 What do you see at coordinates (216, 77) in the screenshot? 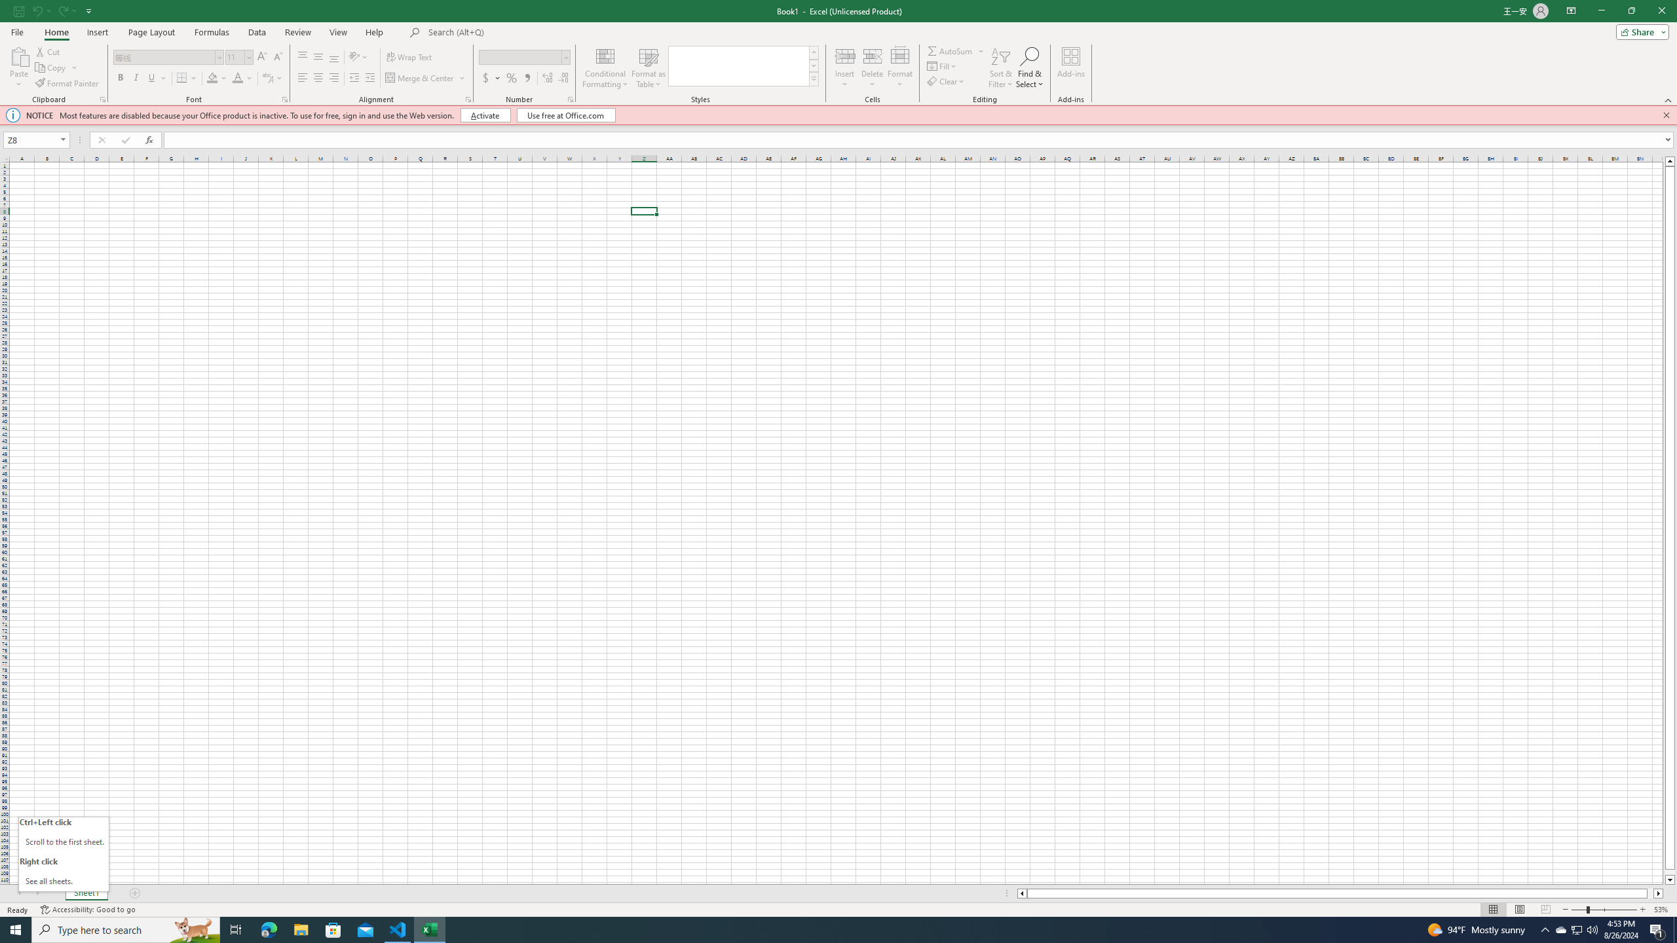
I see `'Fill Color'` at bounding box center [216, 77].